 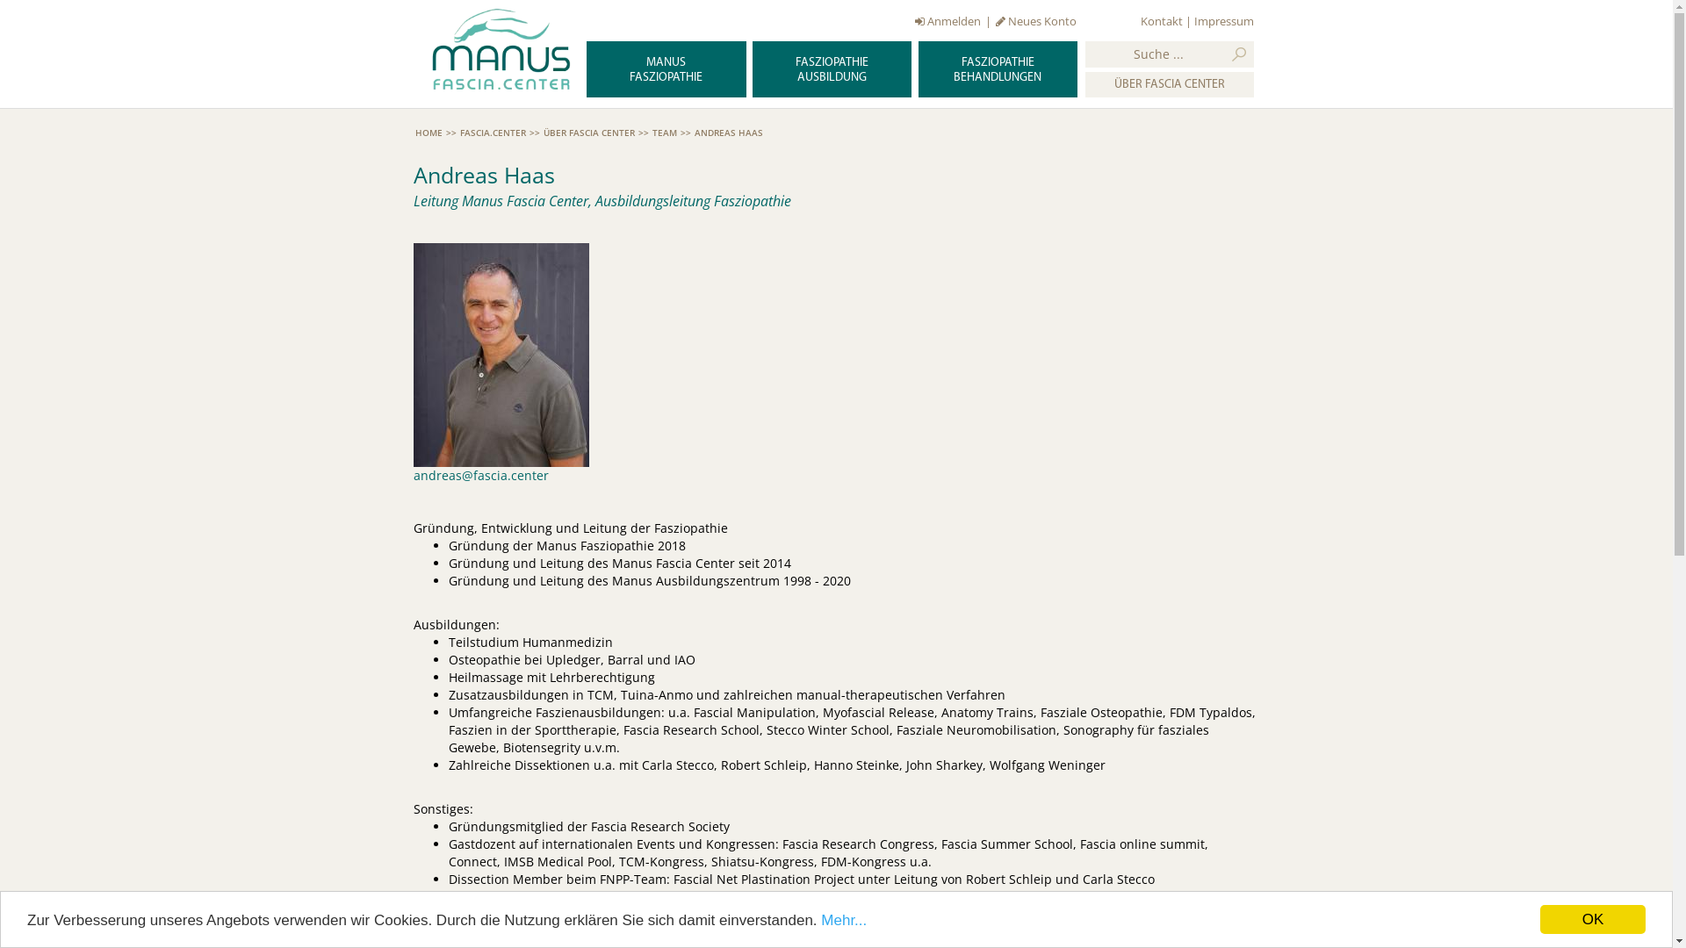 What do you see at coordinates (663, 131) in the screenshot?
I see `'TEAM'` at bounding box center [663, 131].